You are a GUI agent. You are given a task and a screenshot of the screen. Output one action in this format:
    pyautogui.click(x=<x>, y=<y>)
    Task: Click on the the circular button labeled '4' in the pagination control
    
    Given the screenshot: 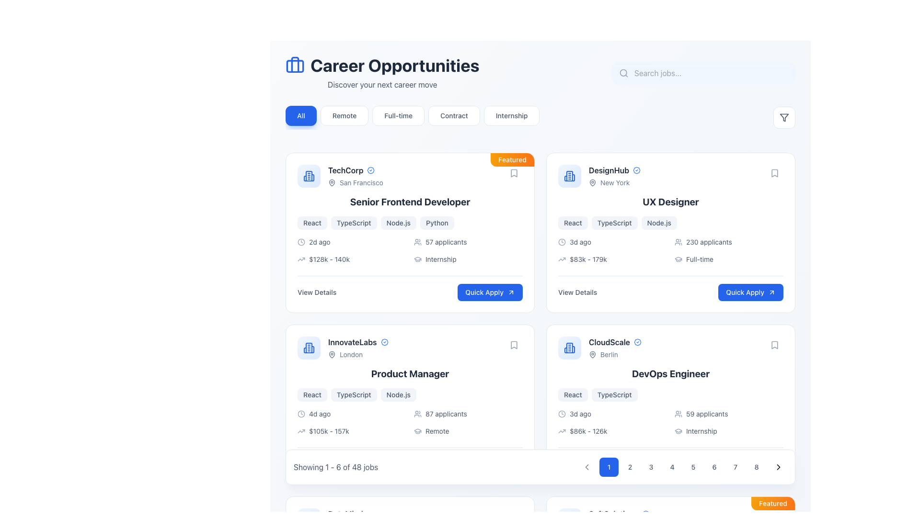 What is the action you would take?
    pyautogui.click(x=671, y=466)
    